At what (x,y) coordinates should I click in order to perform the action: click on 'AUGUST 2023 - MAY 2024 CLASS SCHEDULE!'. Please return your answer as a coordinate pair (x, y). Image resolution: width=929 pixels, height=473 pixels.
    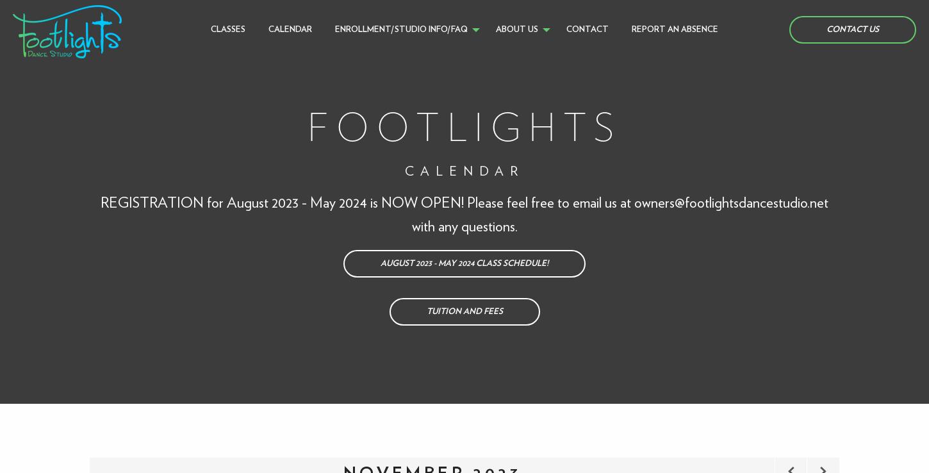
    Looking at the image, I should click on (381, 263).